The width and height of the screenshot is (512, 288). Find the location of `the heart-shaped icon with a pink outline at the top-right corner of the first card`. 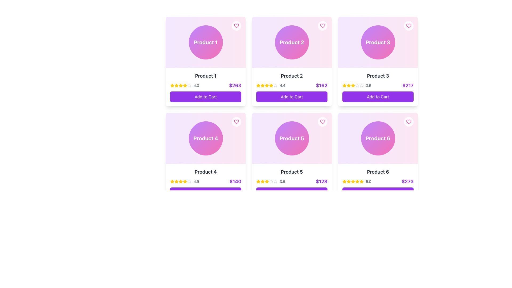

the heart-shaped icon with a pink outline at the top-right corner of the first card is located at coordinates (236, 26).